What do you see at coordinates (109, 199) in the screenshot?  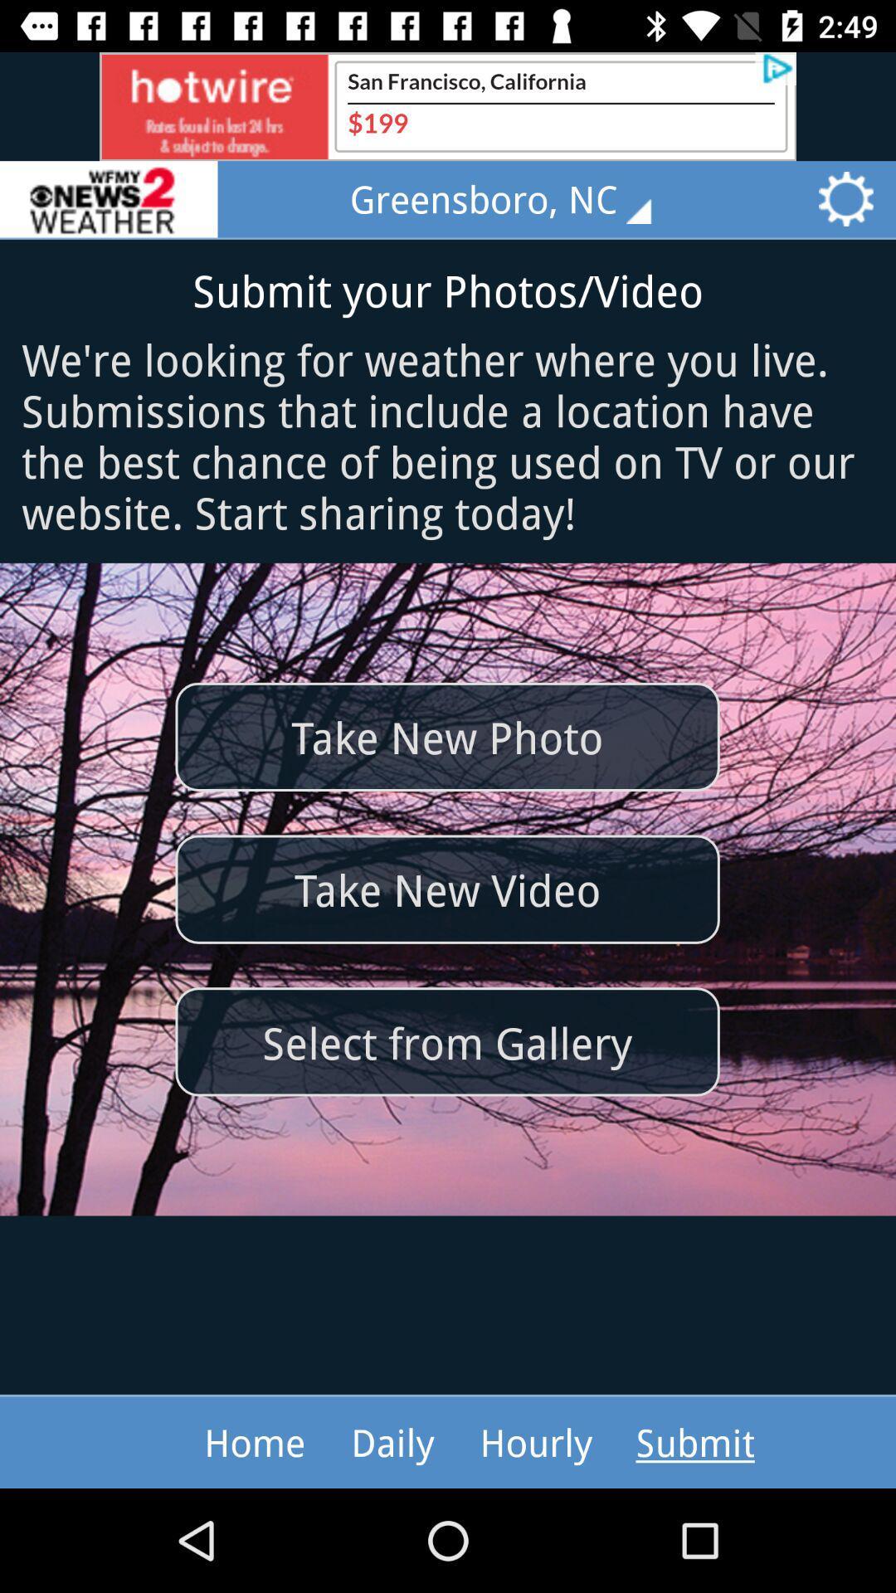 I see `weather news` at bounding box center [109, 199].